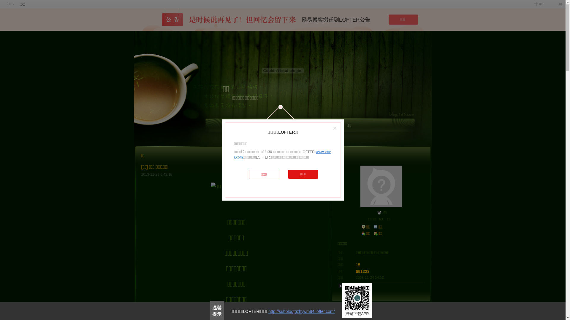 Image resolution: width=570 pixels, height=320 pixels. Describe the element at coordinates (286, 127) in the screenshot. I see `'LOFTER'` at that location.